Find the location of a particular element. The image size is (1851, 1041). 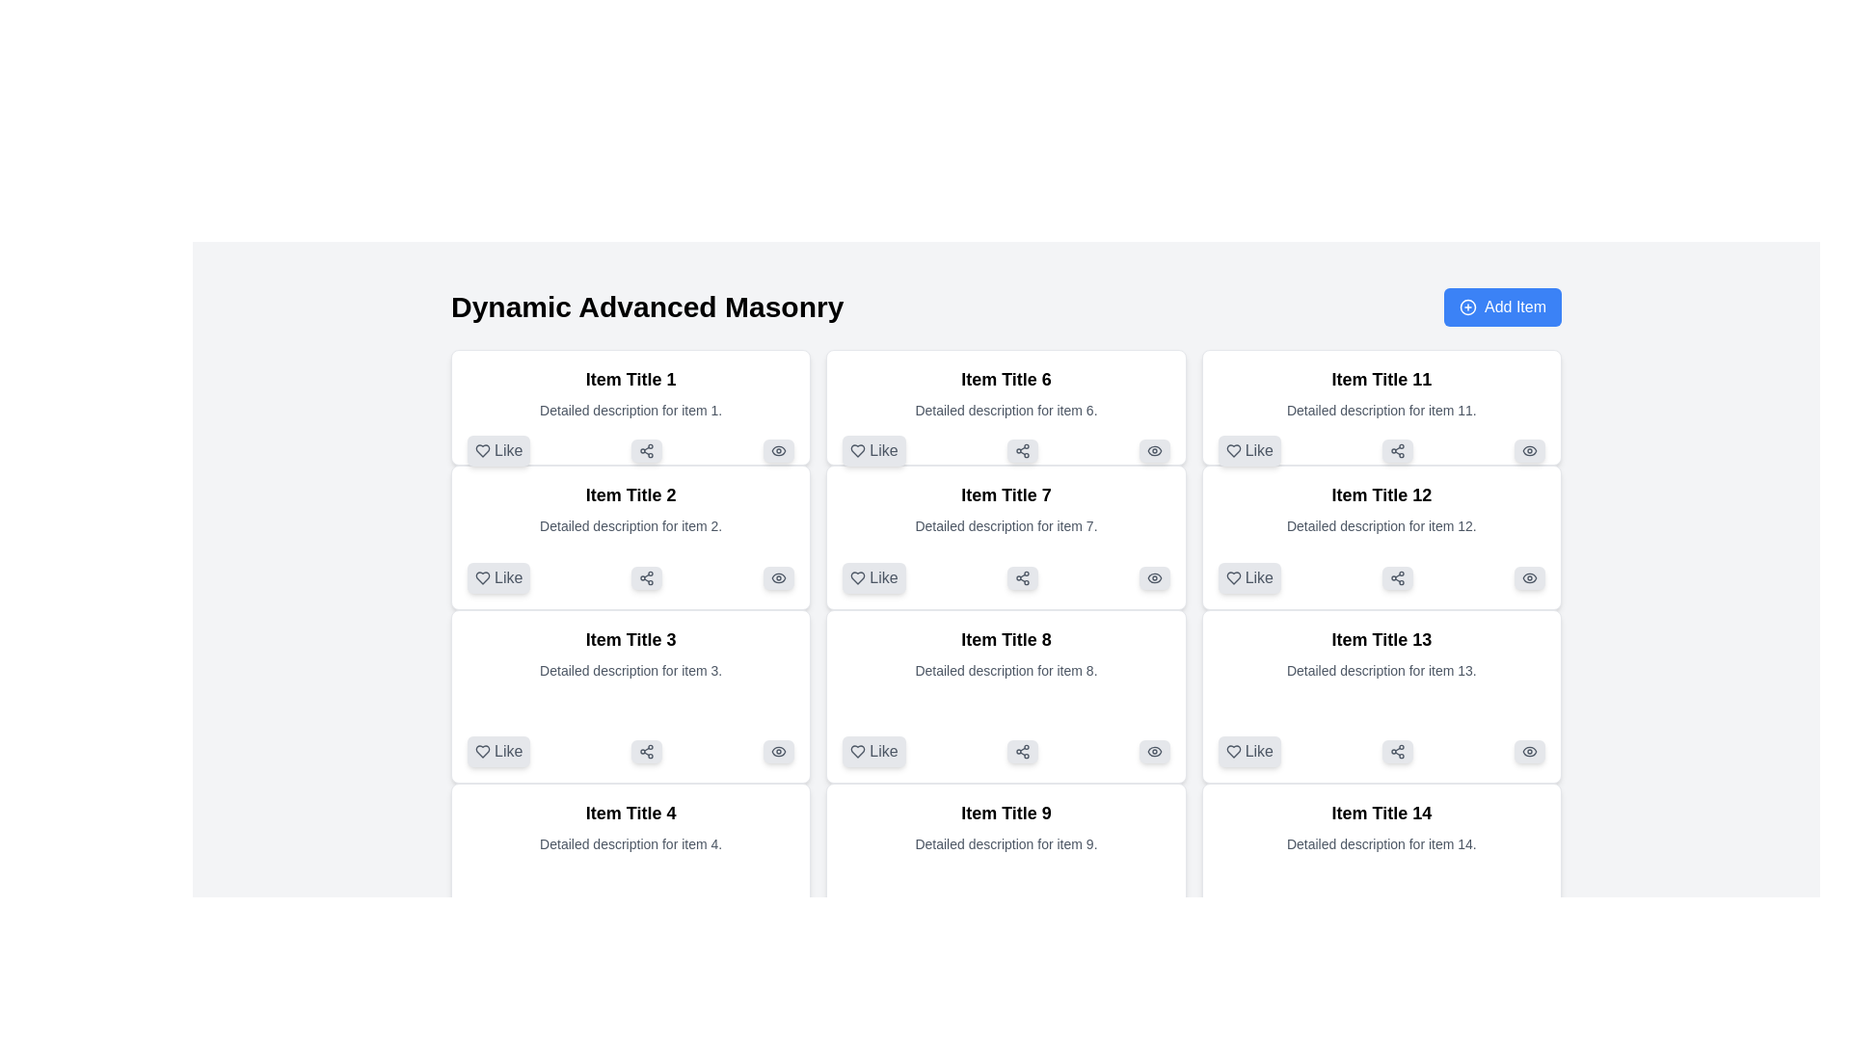

the button with a light gray background and a share symbol icon located in the second card of the 'Dynamic Advanced Masonry' grid layout is located at coordinates (647, 577).